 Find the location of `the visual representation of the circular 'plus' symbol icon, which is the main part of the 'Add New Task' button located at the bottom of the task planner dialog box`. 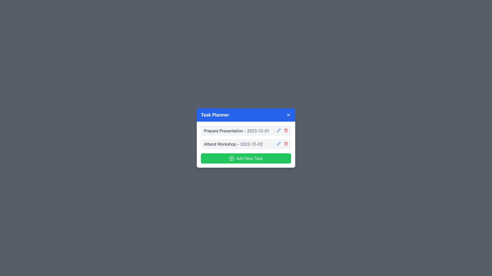

the visual representation of the circular 'plus' symbol icon, which is the main part of the 'Add New Task' button located at the bottom of the task planner dialog box is located at coordinates (231, 158).